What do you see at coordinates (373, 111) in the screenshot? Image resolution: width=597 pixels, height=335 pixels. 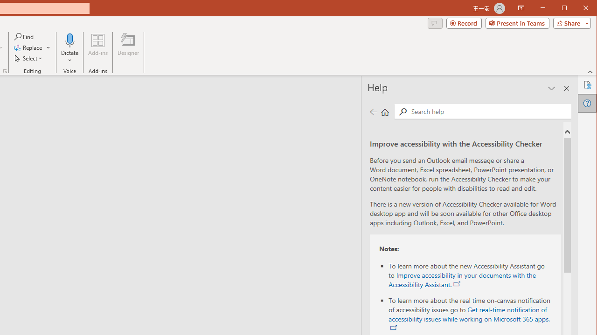 I see `'Previous page'` at bounding box center [373, 111].